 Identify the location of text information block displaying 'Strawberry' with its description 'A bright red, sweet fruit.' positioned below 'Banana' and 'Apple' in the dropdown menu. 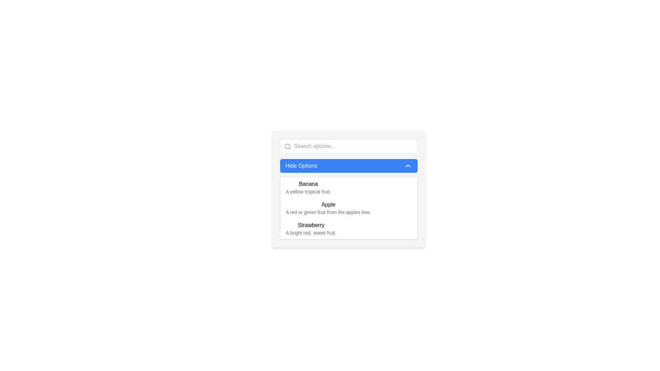
(311, 229).